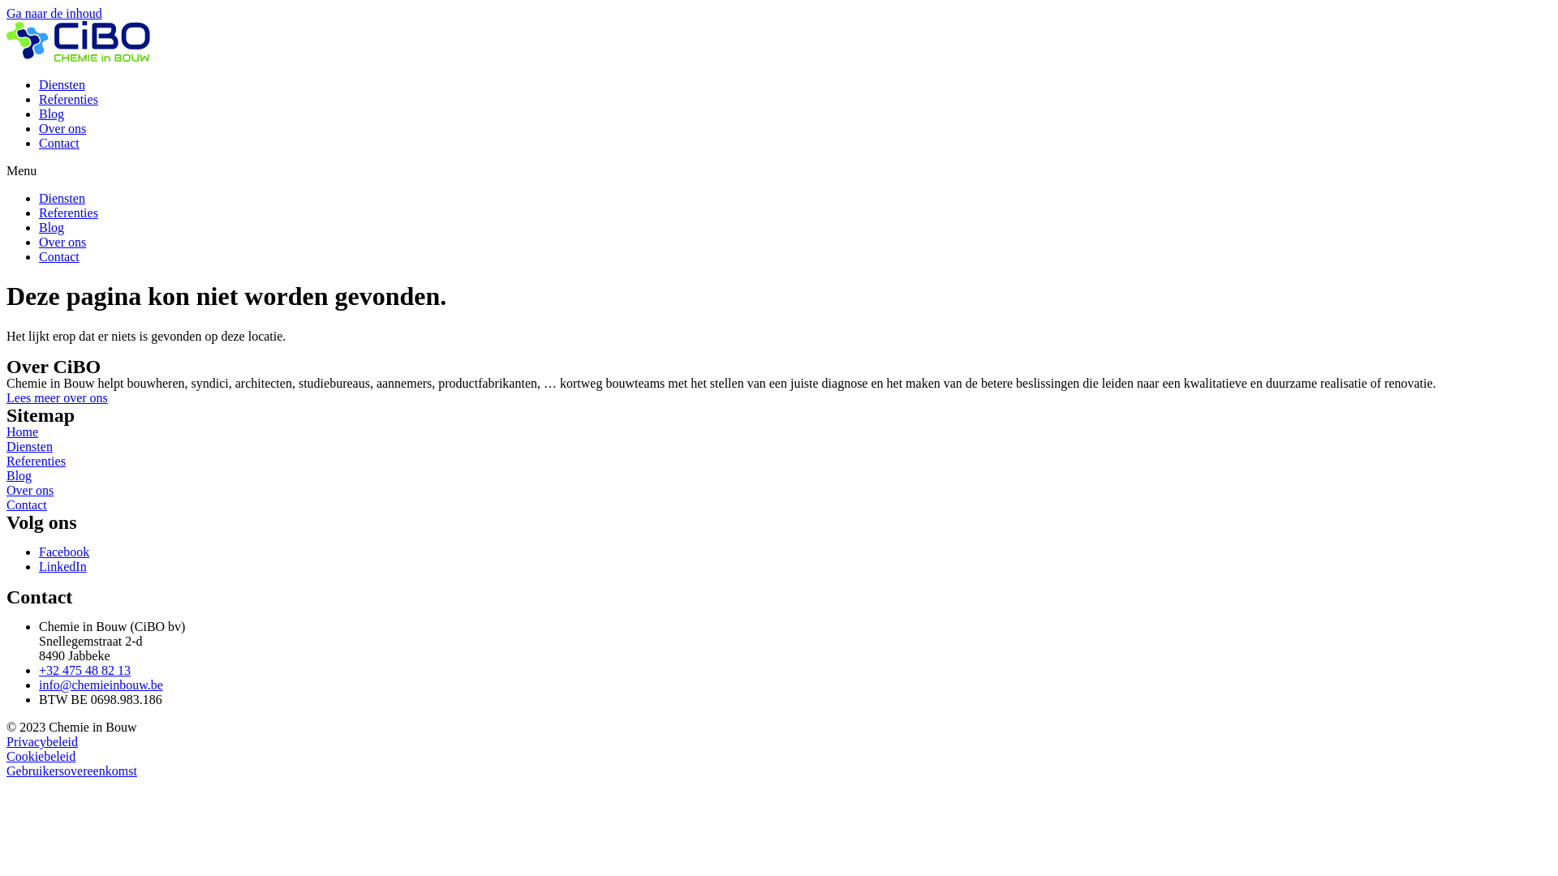  Describe the element at coordinates (6, 756) in the screenshot. I see `'Cookiebeleid'` at that location.